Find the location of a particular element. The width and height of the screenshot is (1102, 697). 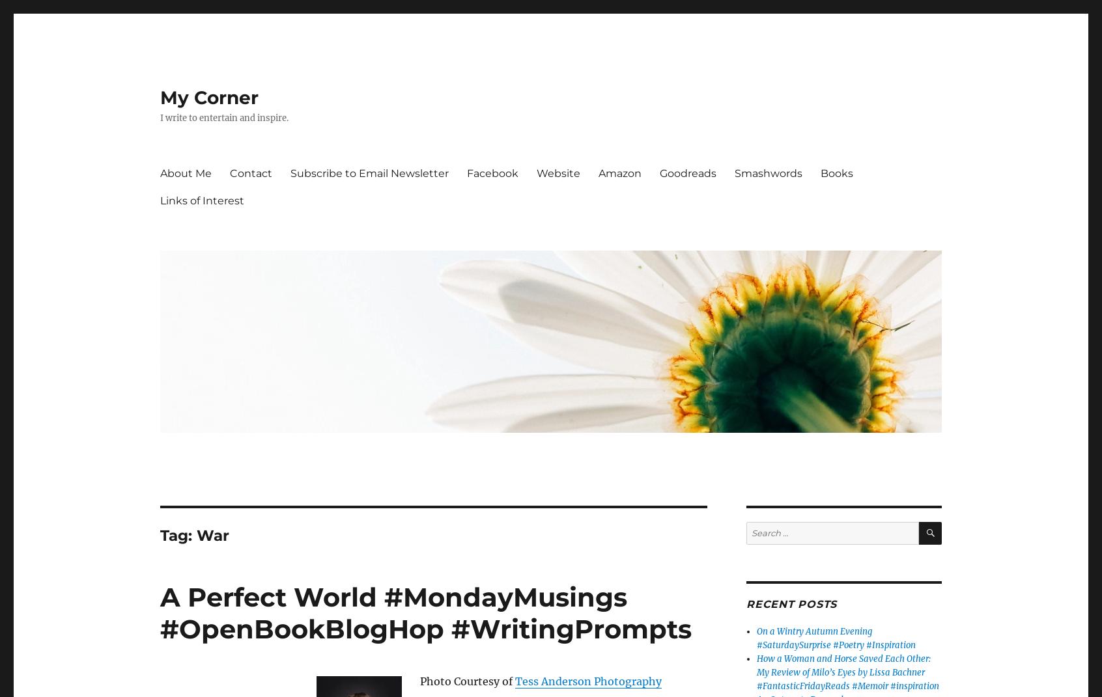

'Contact' is located at coordinates (251, 172).